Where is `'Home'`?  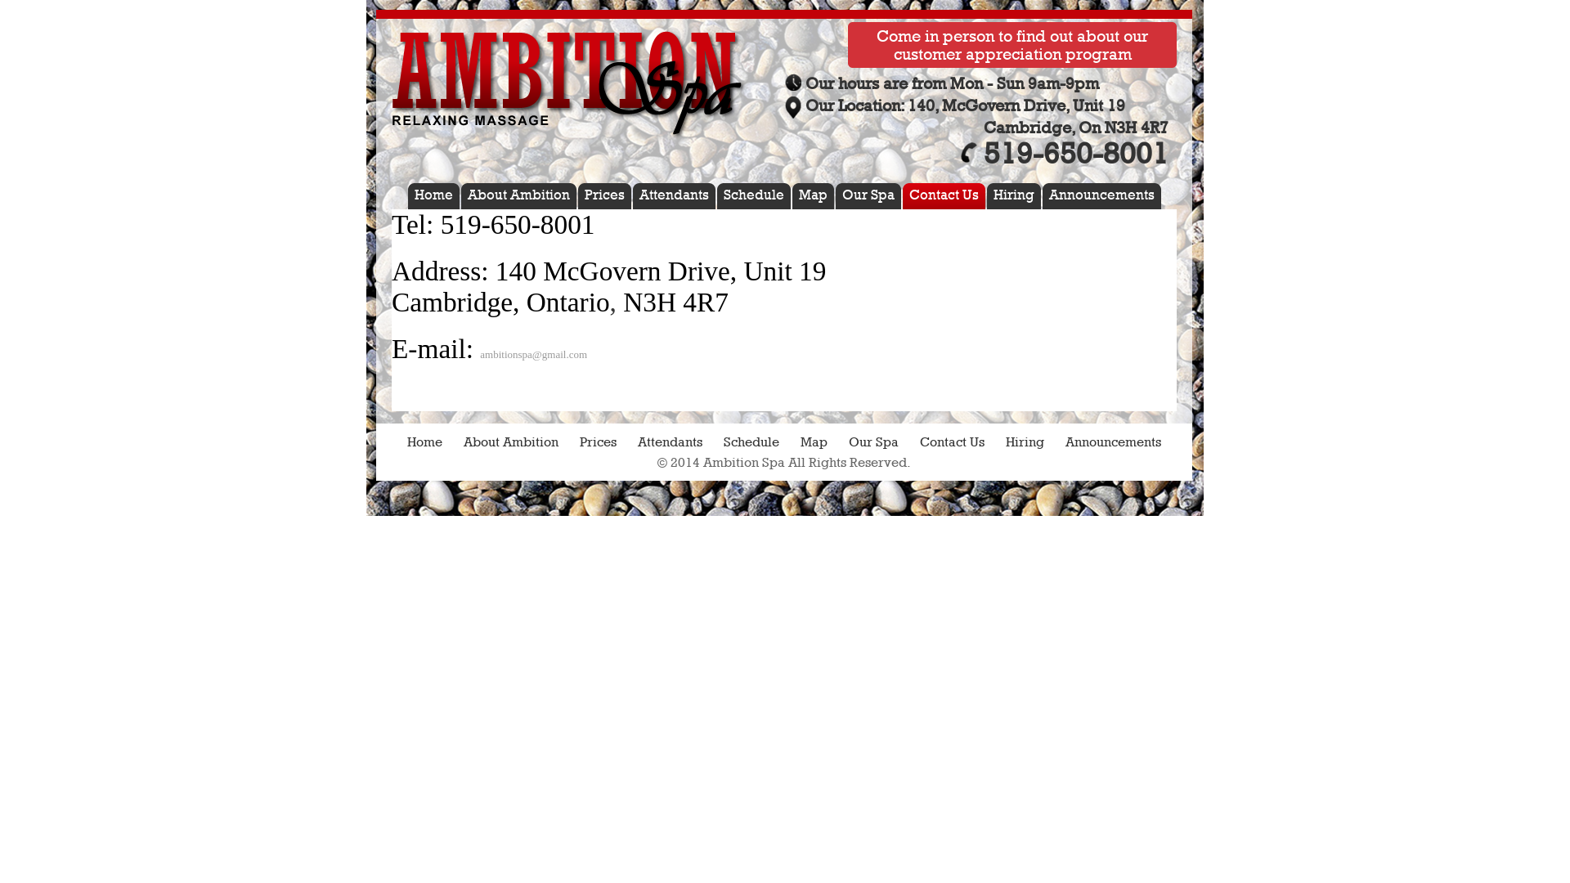
'Home' is located at coordinates (424, 441).